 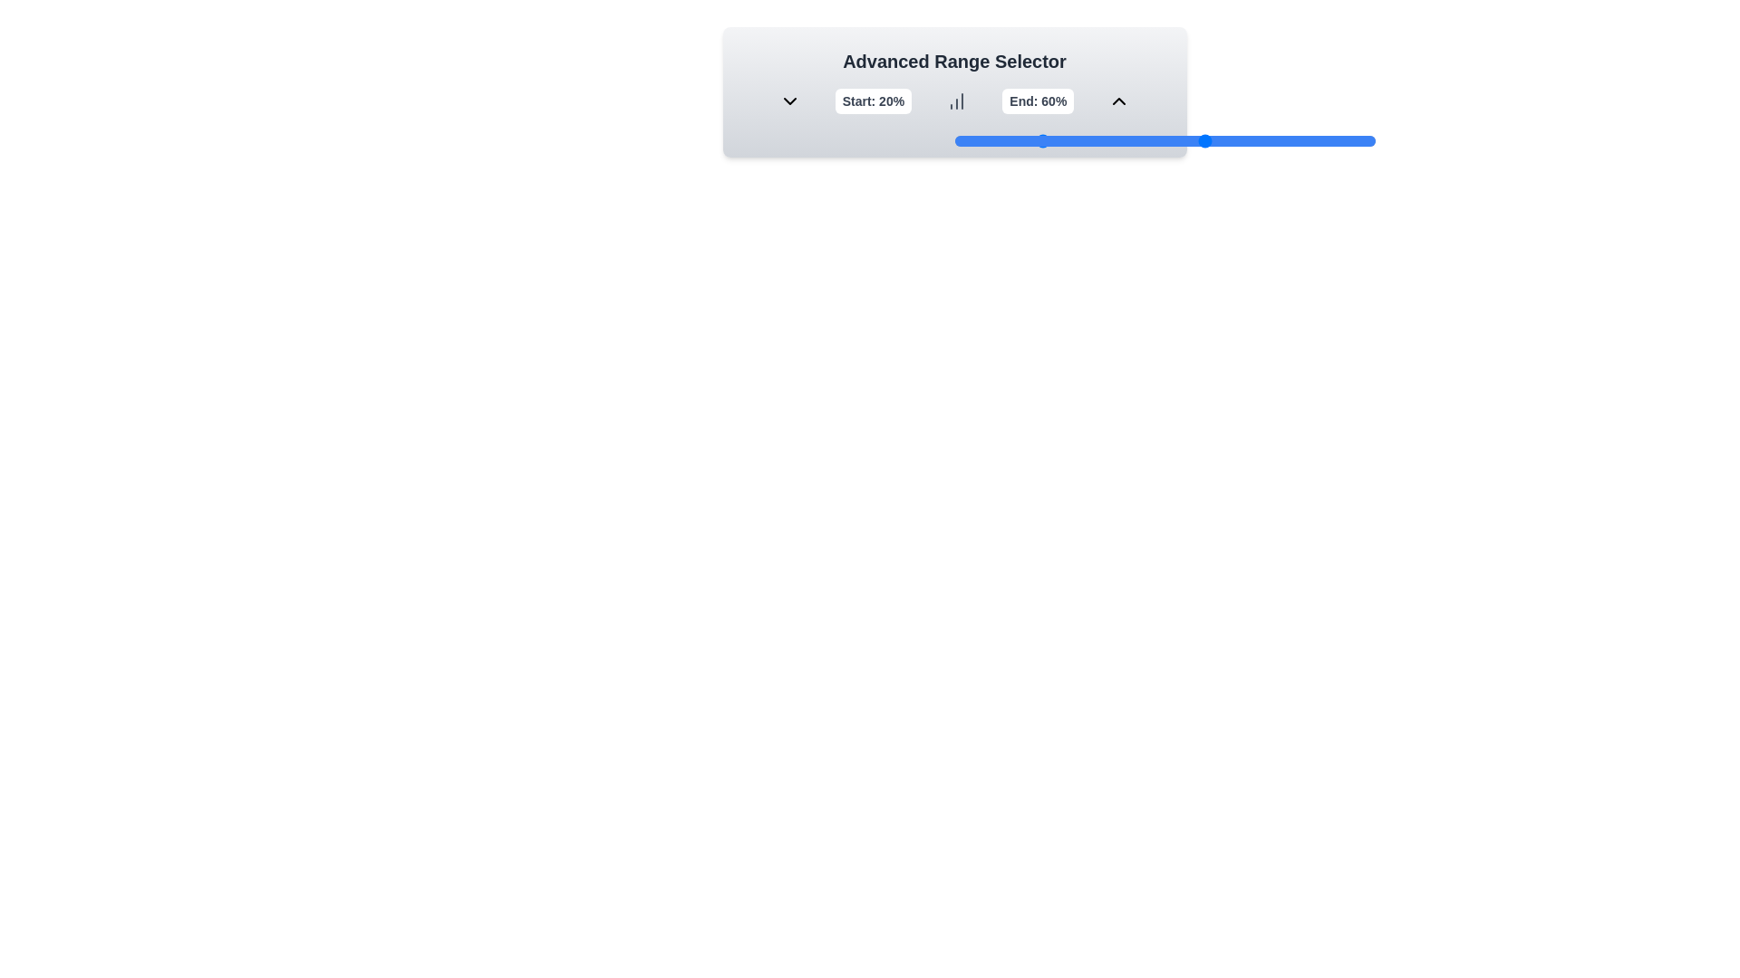 I want to click on the start range slider to 64%, so click(x=1223, y=139).